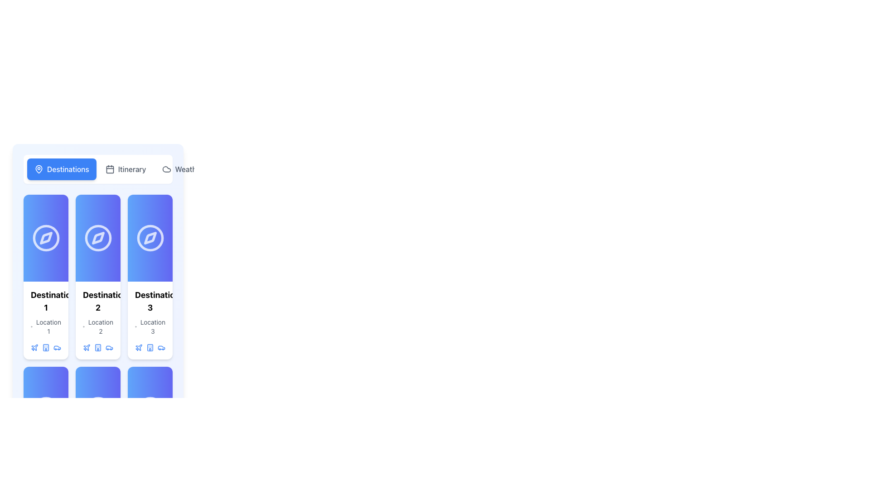  Describe the element at coordinates (150, 347) in the screenshot. I see `the vector graphic element within the SVG structure that is part of the 'Destination 3' card, positioned towards the bottom-right edge` at that location.